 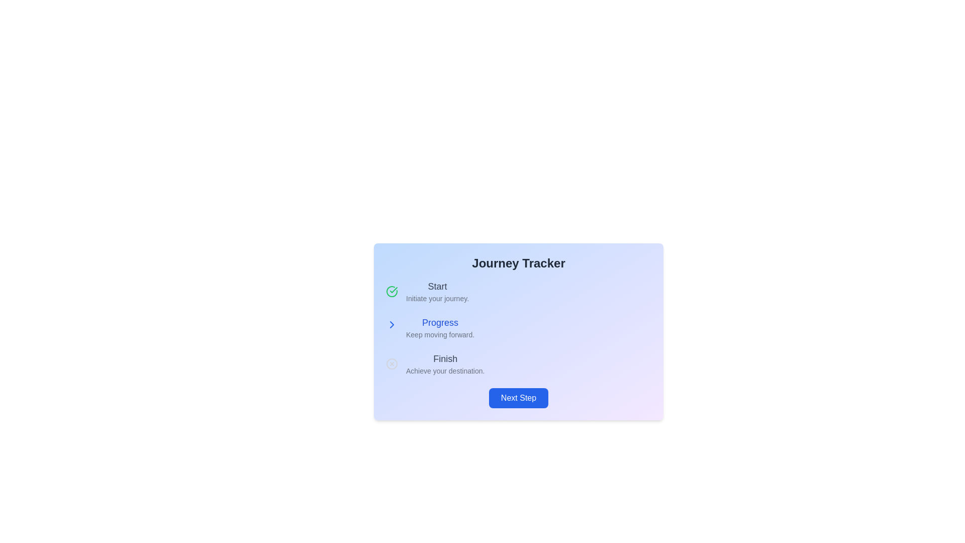 I want to click on the header text label that organizes the content into distinct sections, positioned at the top-left of a vertically arranged list within a rectangular card, so click(x=437, y=287).